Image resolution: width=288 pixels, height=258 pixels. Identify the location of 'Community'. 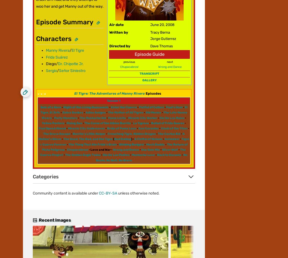
(33, 10).